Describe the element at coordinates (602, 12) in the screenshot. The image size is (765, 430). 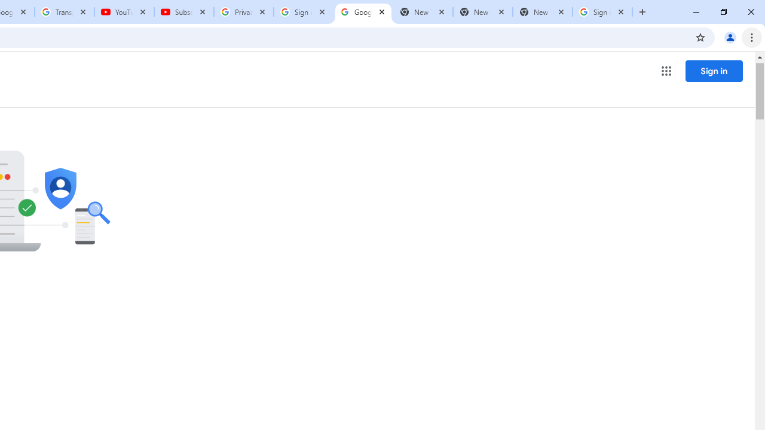
I see `'Sign in - Google Accounts'` at that location.